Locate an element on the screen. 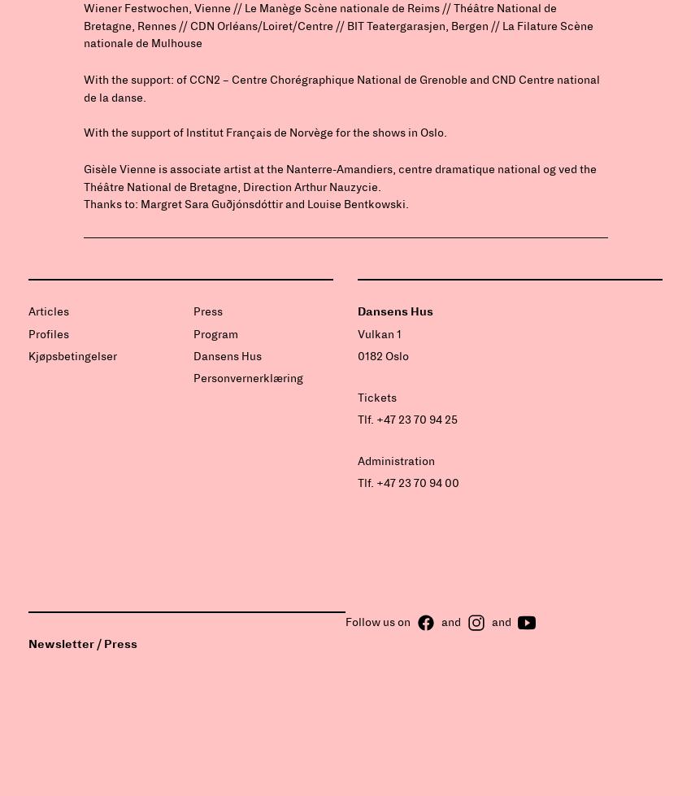 The image size is (691, 796). 'Tickets' is located at coordinates (376, 397).